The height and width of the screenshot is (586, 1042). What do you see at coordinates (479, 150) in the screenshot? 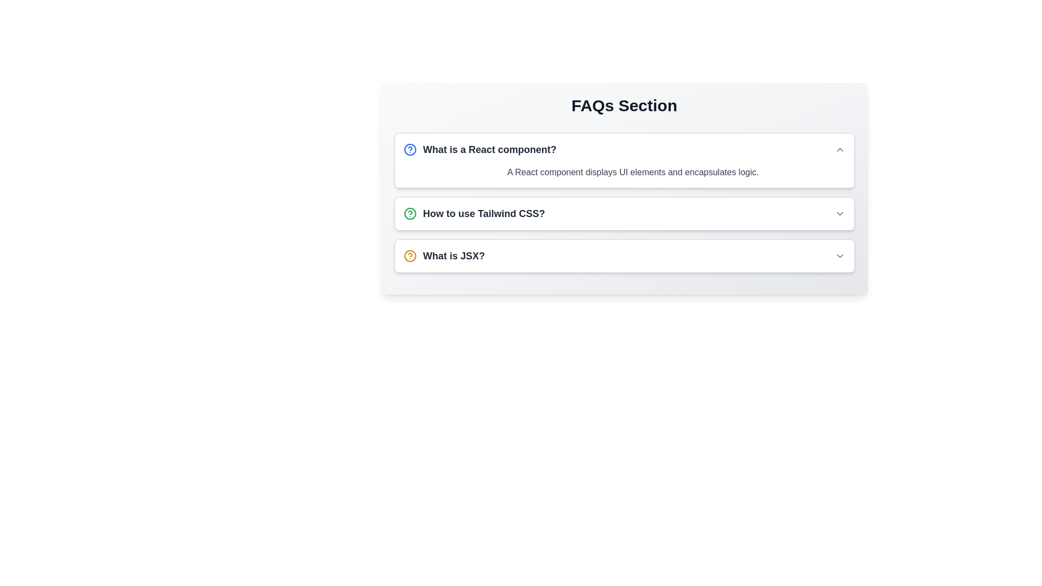
I see `the first interactive Text label with an icon in the FAQs section` at bounding box center [479, 150].